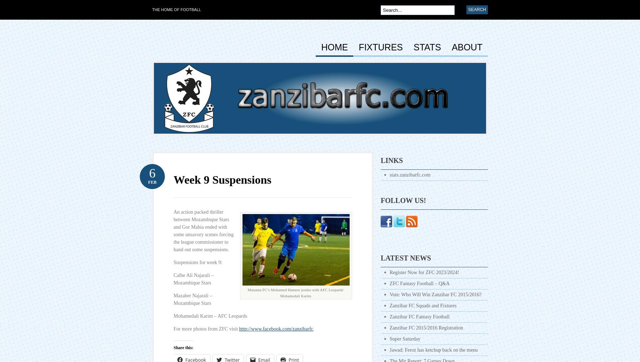  I want to click on 'Share this:', so click(183, 347).